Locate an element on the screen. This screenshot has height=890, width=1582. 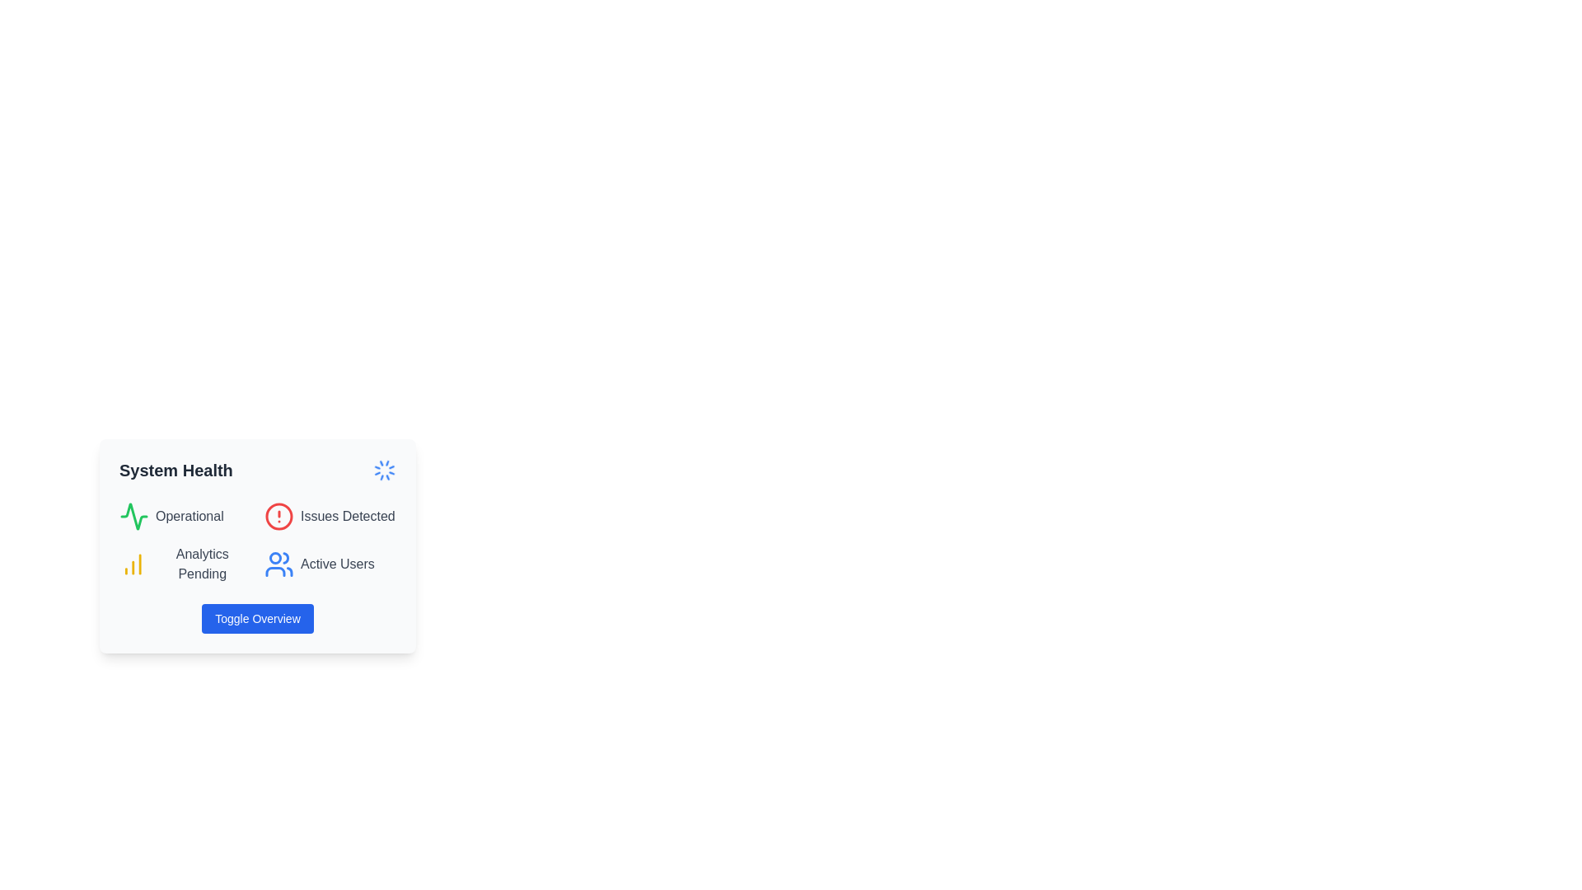
the SVG circle indicating issues detected in the system, which is the second indicator in the 'System Health' visual summary card is located at coordinates (279, 516).